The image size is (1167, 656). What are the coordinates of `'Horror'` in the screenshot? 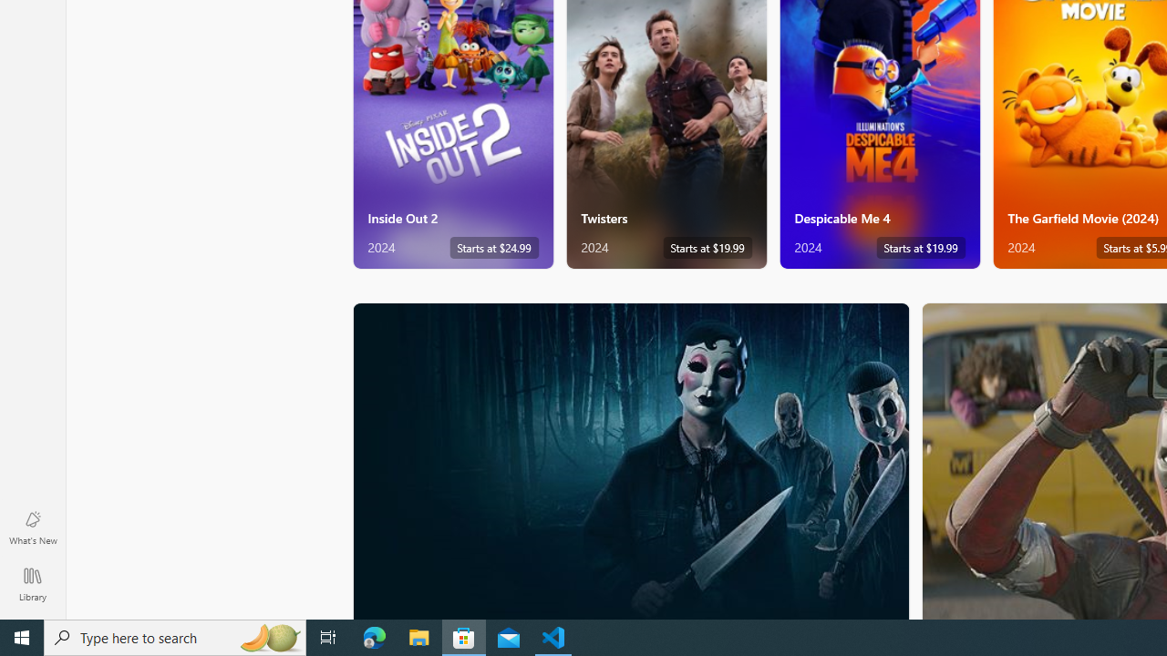 It's located at (631, 459).